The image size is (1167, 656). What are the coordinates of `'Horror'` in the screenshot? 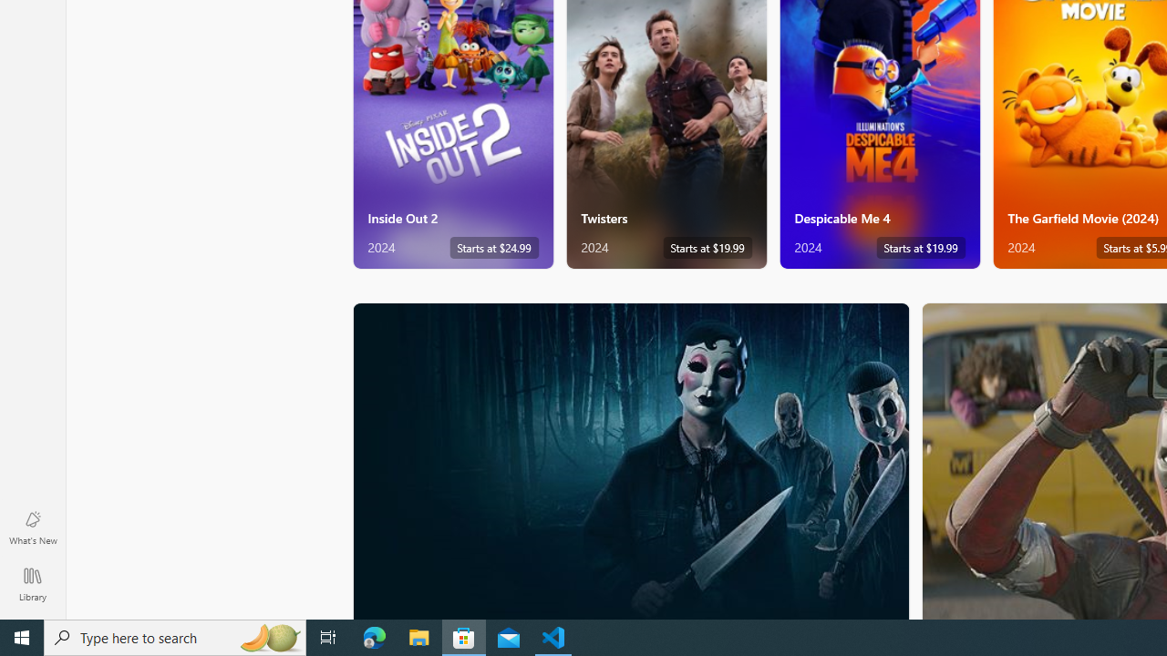 It's located at (631, 459).